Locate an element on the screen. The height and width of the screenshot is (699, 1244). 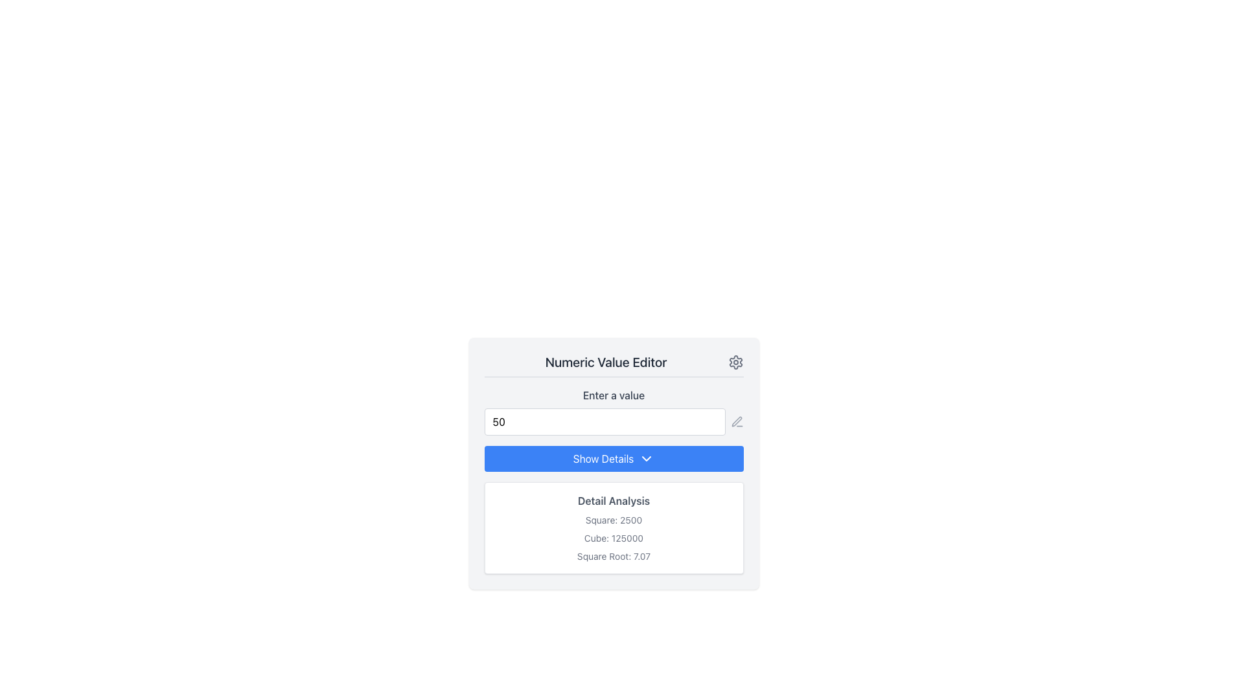
the text label reading 'Enter a value' which is located slightly above the input field in the 'Numeric Value Editor' component is located at coordinates (613, 394).